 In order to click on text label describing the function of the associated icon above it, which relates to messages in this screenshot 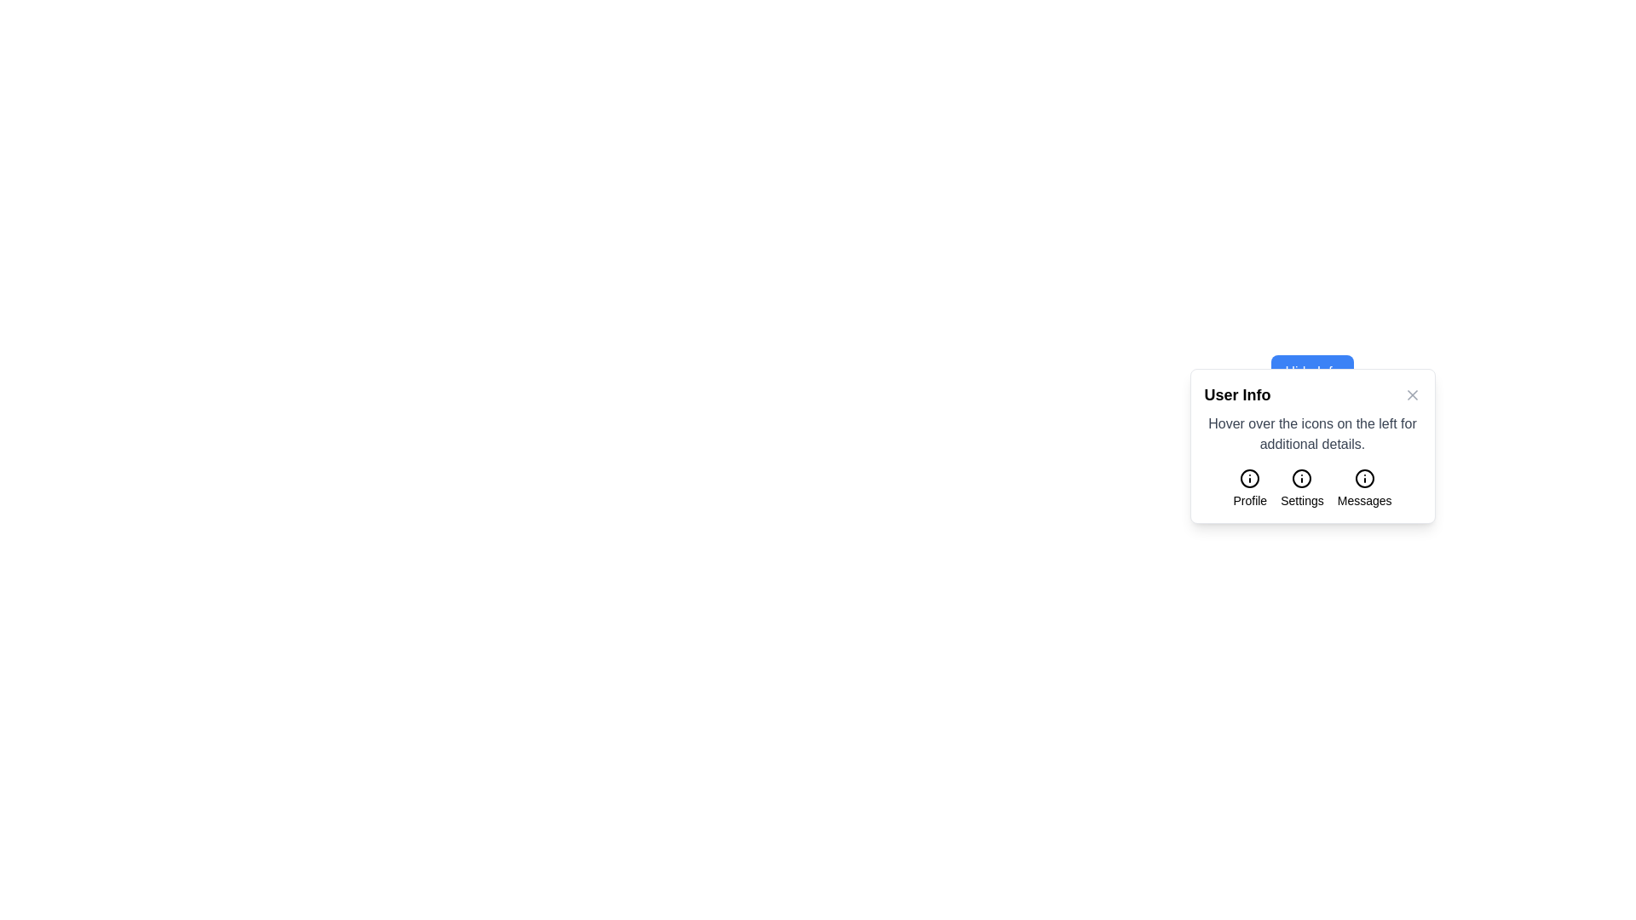, I will do `click(1364, 499)`.